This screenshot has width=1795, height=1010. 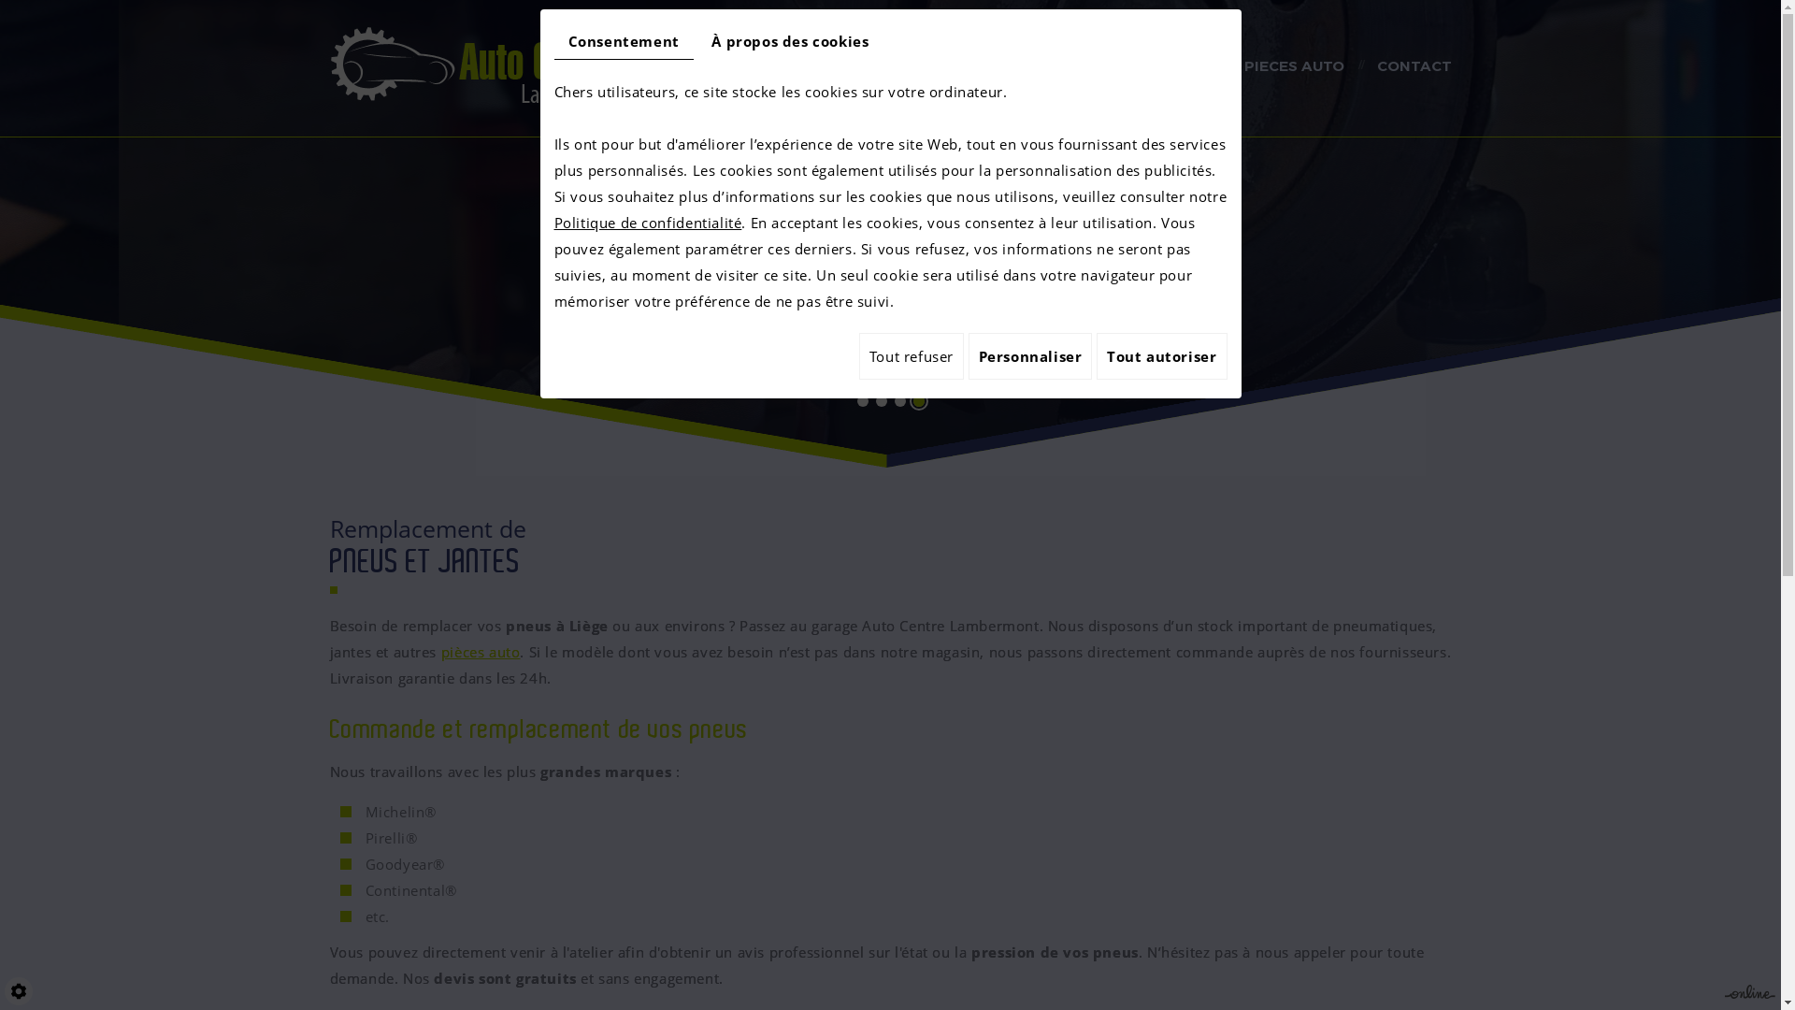 What do you see at coordinates (1414, 67) in the screenshot?
I see `'CONTACT'` at bounding box center [1414, 67].